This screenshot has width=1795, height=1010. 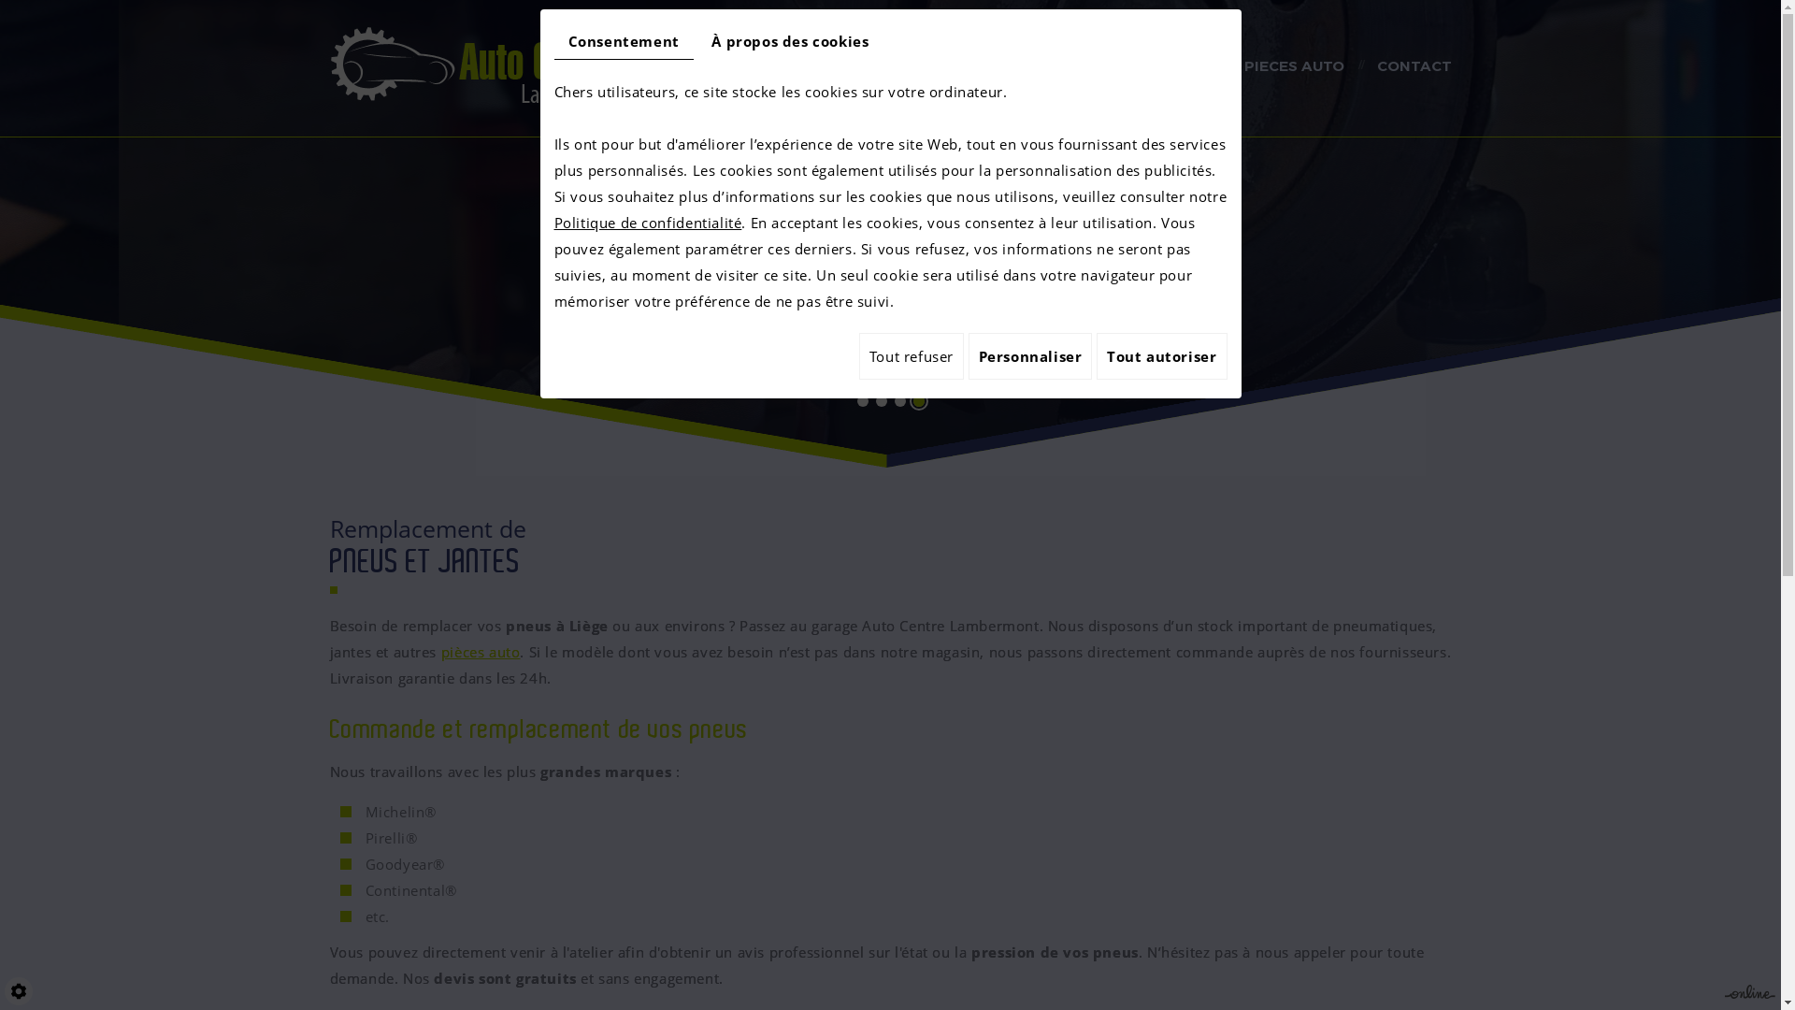 What do you see at coordinates (1414, 67) in the screenshot?
I see `'CONTACT'` at bounding box center [1414, 67].